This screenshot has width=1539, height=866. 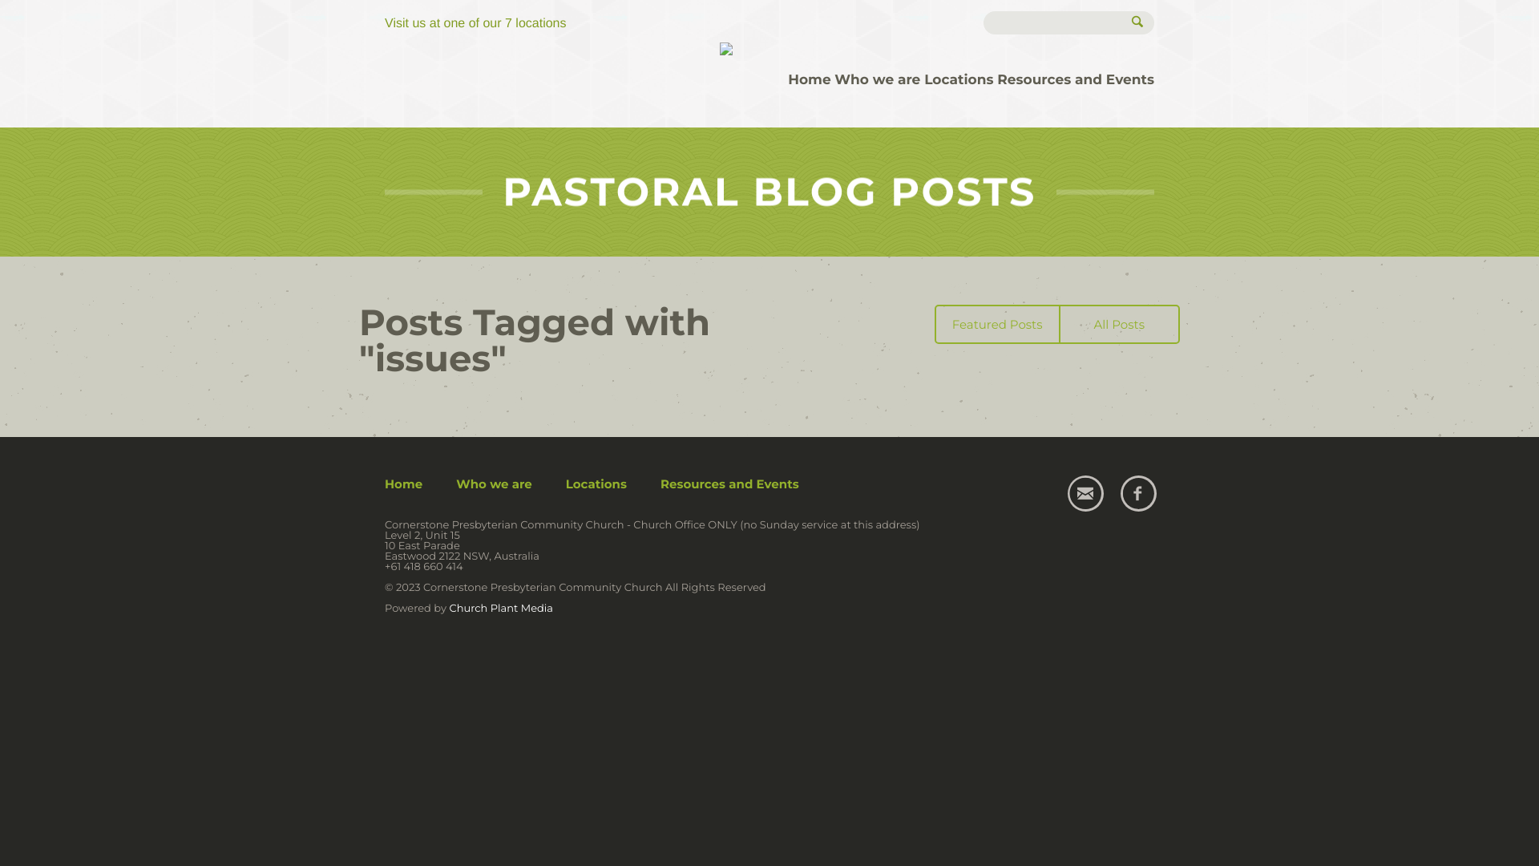 What do you see at coordinates (499, 609) in the screenshot?
I see `'Church Plant Media'` at bounding box center [499, 609].